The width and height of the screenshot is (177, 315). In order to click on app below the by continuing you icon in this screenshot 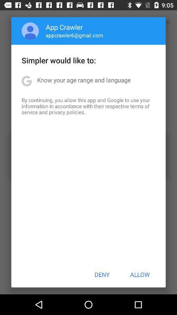, I will do `click(102, 274)`.